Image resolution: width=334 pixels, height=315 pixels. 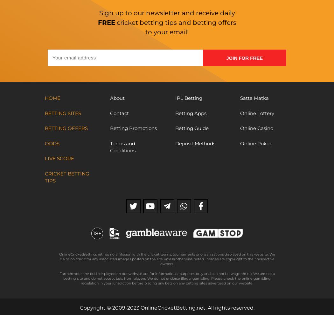 I want to click on 'Betting Offers', so click(x=66, y=128).